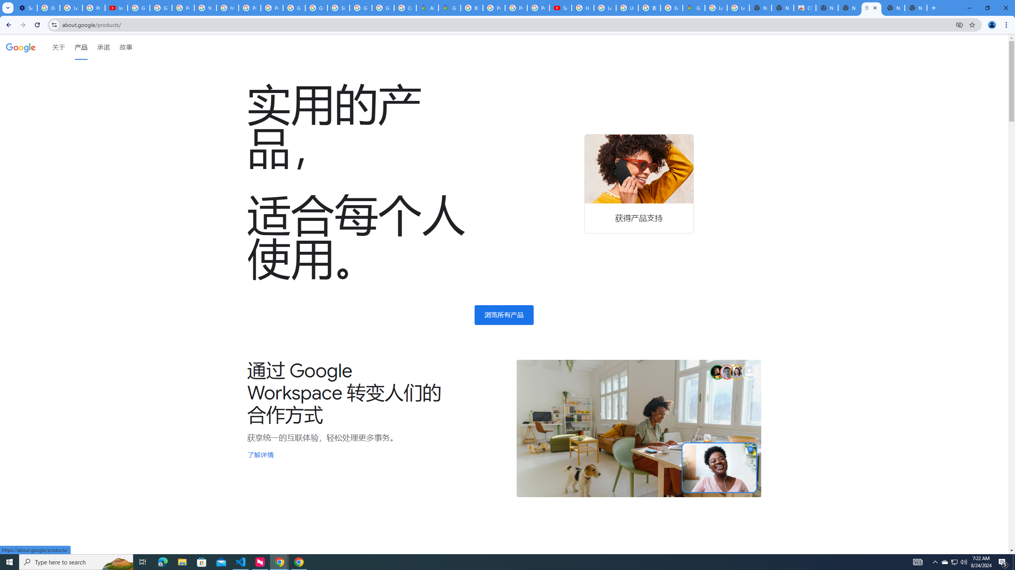  I want to click on 'Privacy Help Center - Policies Help', so click(515, 8).